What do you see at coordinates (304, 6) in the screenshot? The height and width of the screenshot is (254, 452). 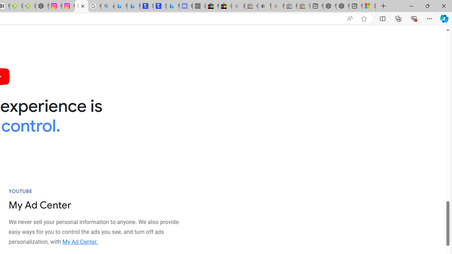 I see `'Yard, Garden & Outdoor Living - Sleeping'` at bounding box center [304, 6].